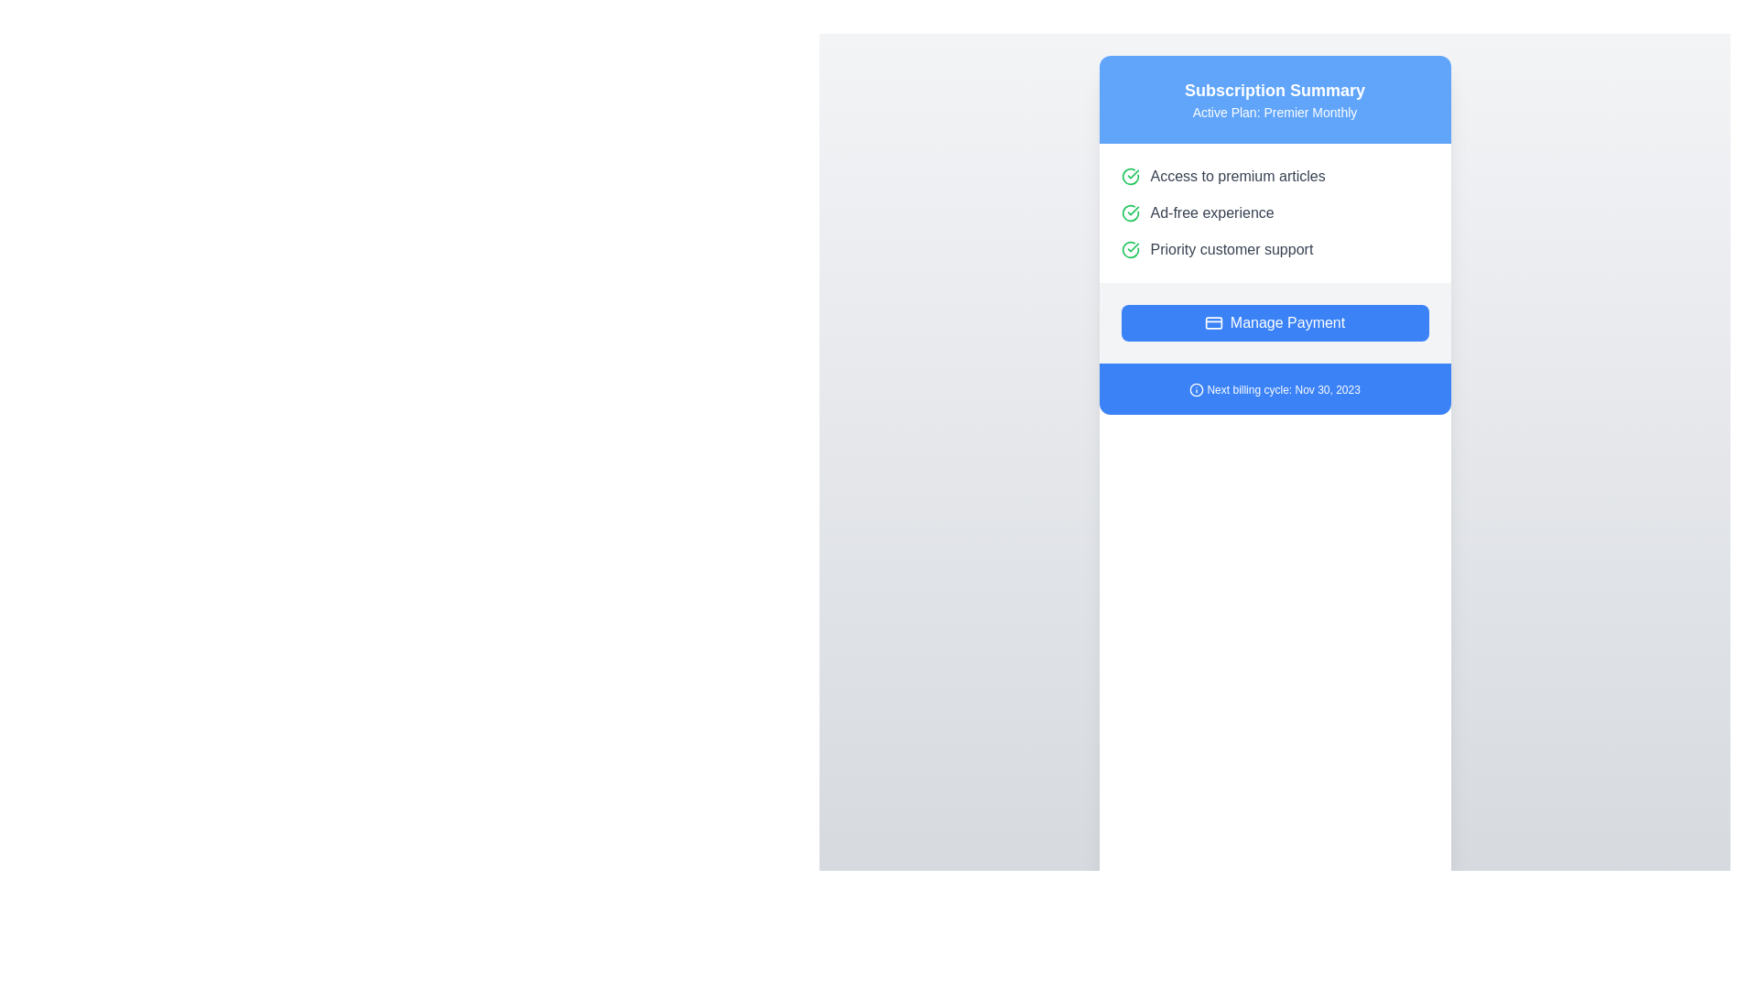 The width and height of the screenshot is (1758, 989). Describe the element at coordinates (1197, 388) in the screenshot. I see `the small circular icon with an 'i' in the center, located on a blue background at the bottom of the subscription summary card, to the left of the text 'Next billing cycle: Nov 30, 2023'` at that location.